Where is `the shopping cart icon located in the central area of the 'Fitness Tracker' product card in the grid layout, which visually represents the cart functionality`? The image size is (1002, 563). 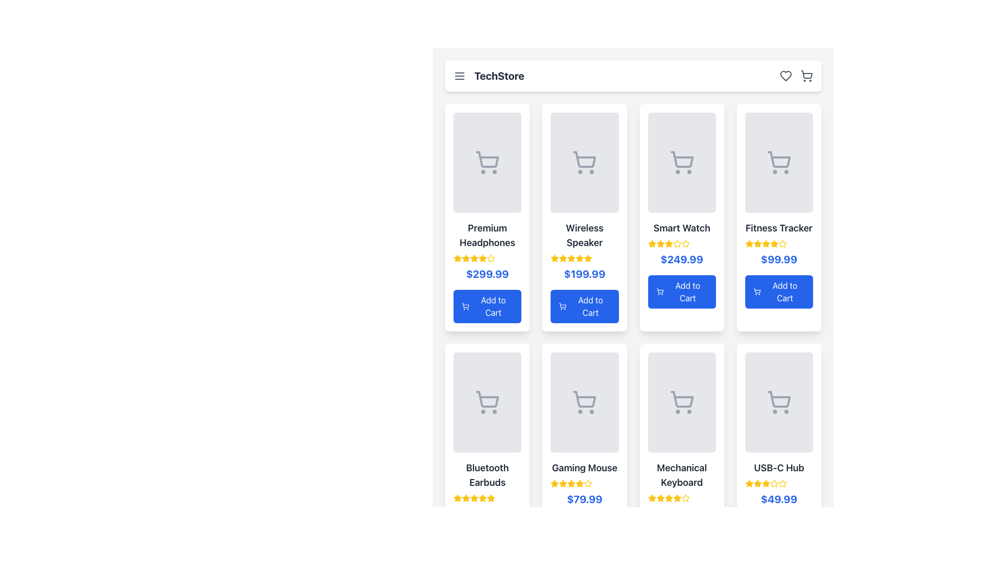
the shopping cart icon located in the central area of the 'Fitness Tracker' product card in the grid layout, which visually represents the cart functionality is located at coordinates (779, 163).